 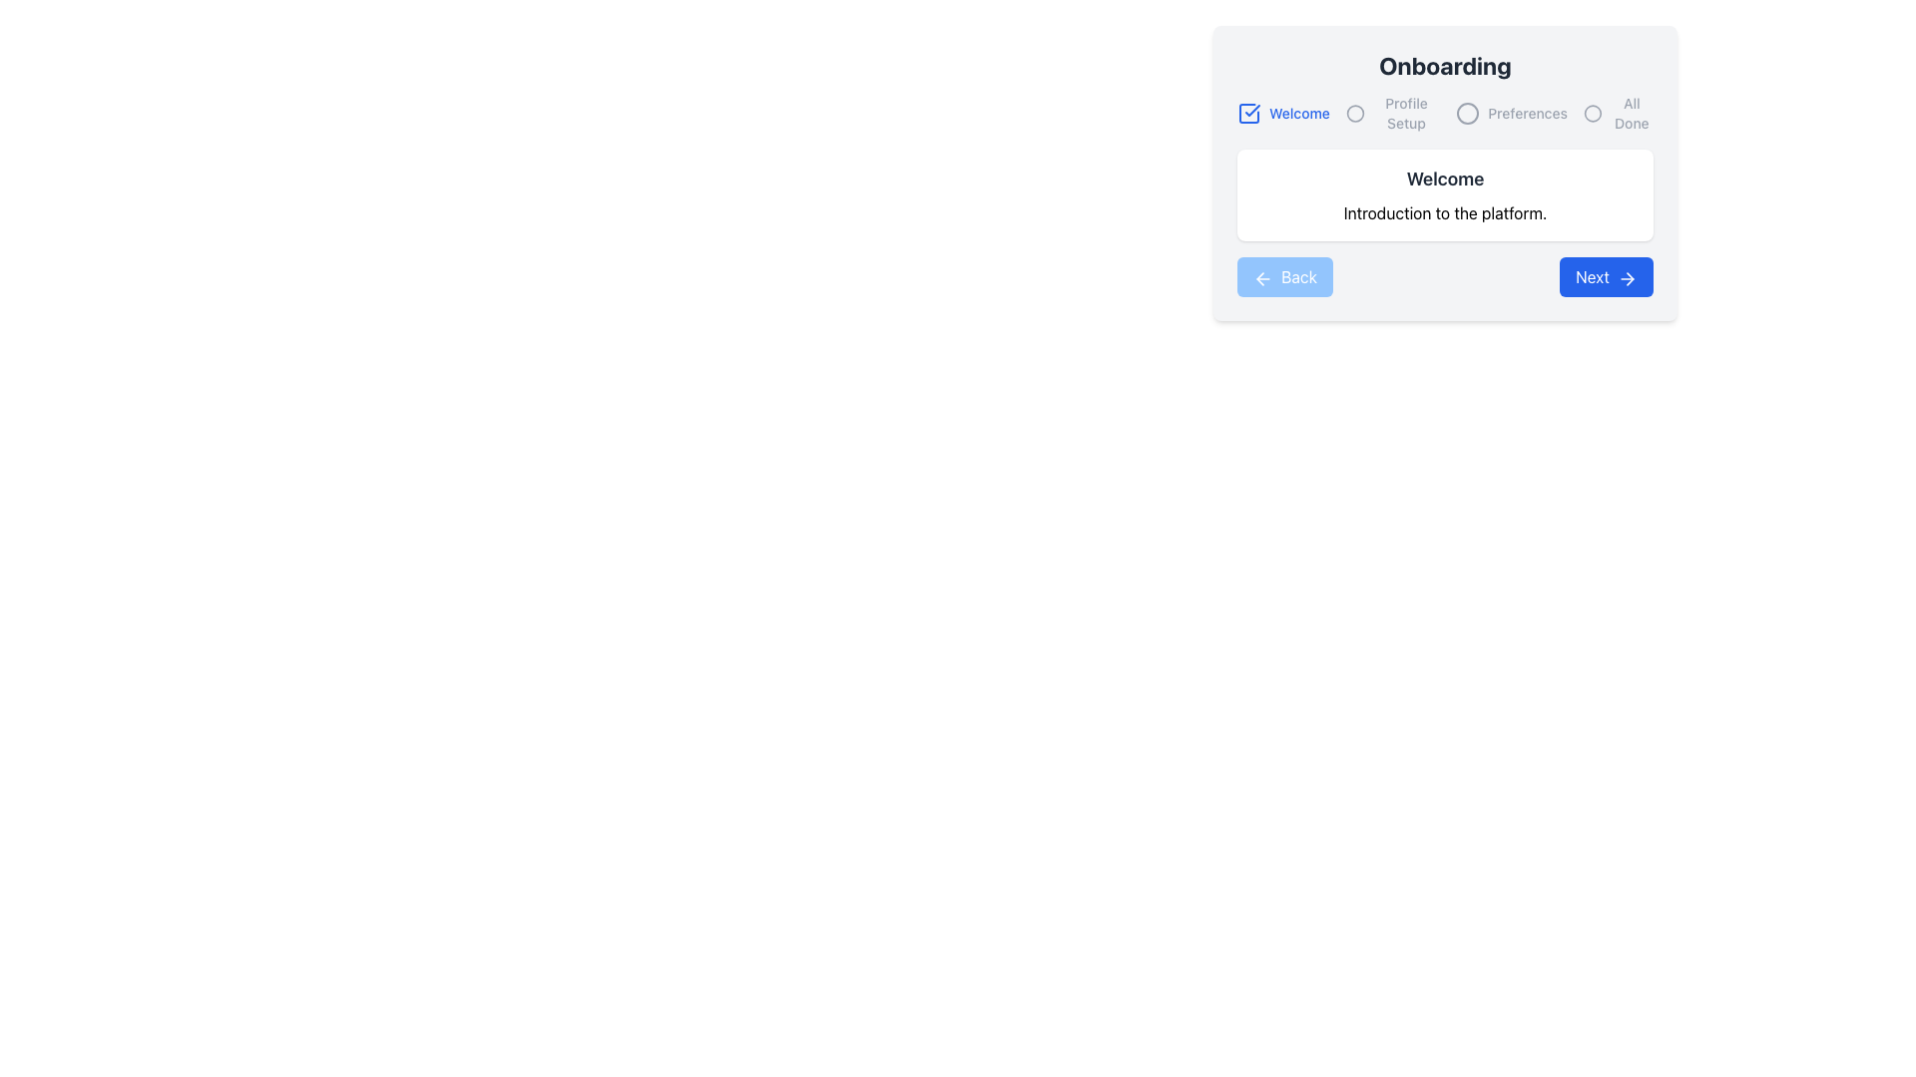 What do you see at coordinates (1468, 114) in the screenshot?
I see `the third circular progress indicator in the navigation bar` at bounding box center [1468, 114].